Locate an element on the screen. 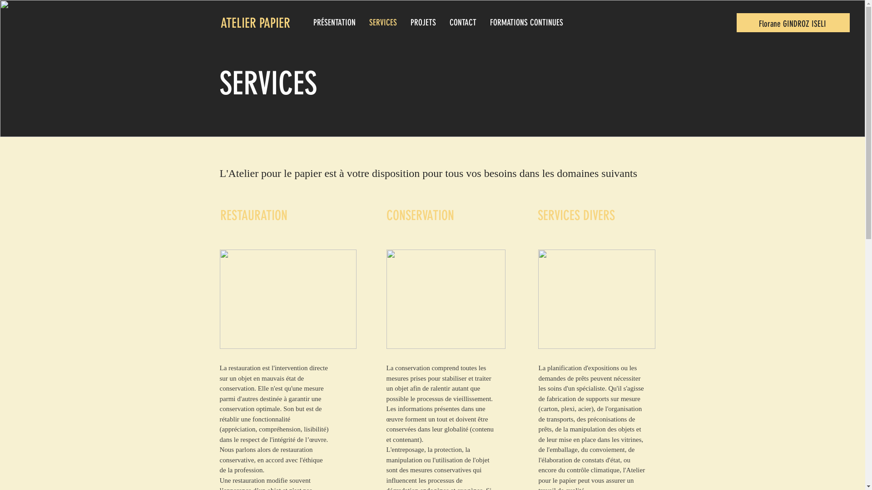 Image resolution: width=872 pixels, height=490 pixels. 'PROJETS' is located at coordinates (422, 23).